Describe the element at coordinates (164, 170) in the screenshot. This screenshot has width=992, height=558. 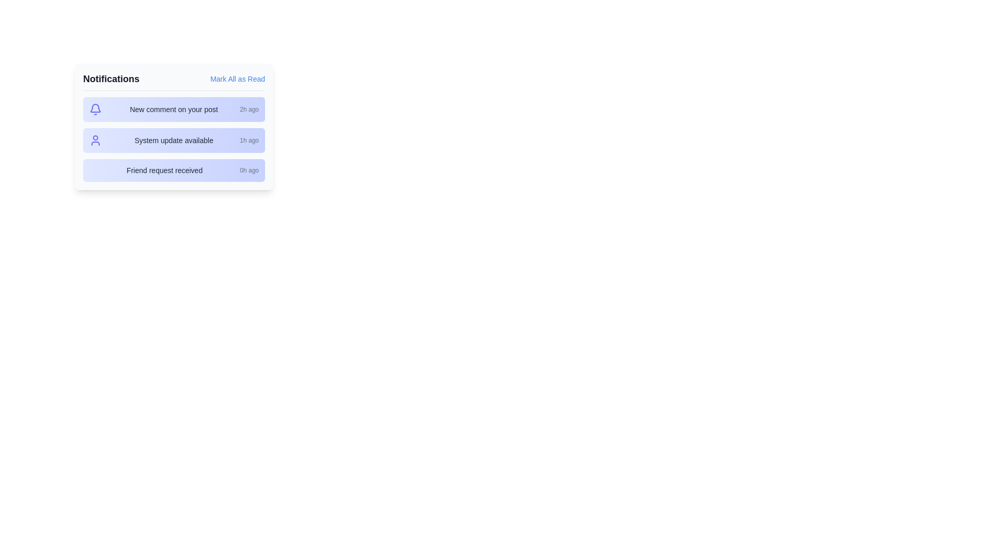
I see `text element displaying 'Friend request received', which is styled in gray, bold font and is aligned within a highlighted background area, located in the third position of the notification list` at that location.